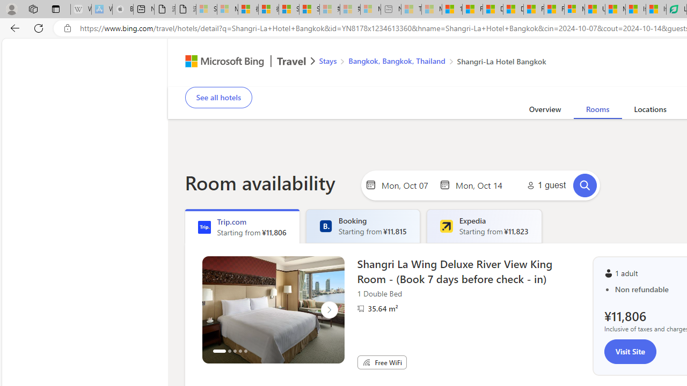  What do you see at coordinates (472, 9) in the screenshot?
I see `'Food and Drink - MSN'` at bounding box center [472, 9].